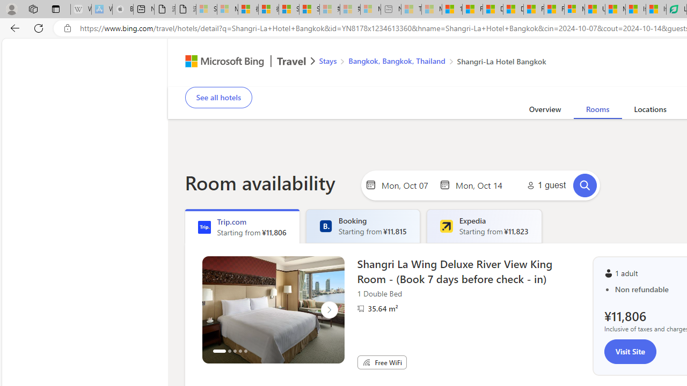  What do you see at coordinates (472, 9) in the screenshot?
I see `'Food and Drink - MSN'` at bounding box center [472, 9].